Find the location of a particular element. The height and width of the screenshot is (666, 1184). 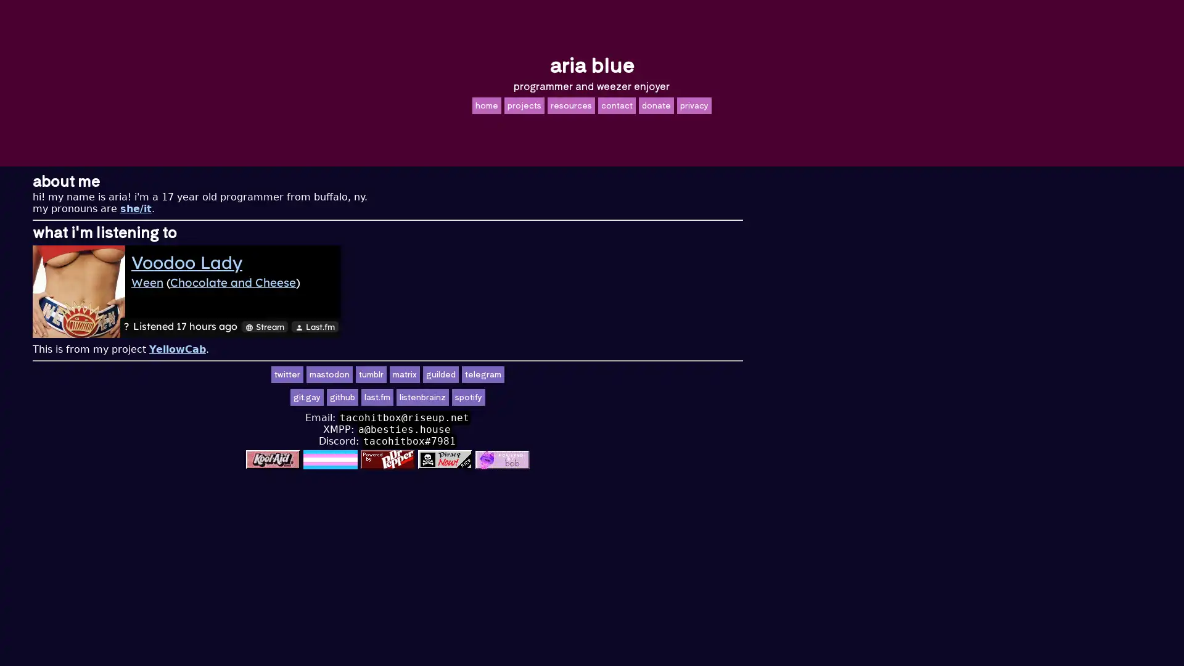

tumblr is located at coordinates (574, 374).